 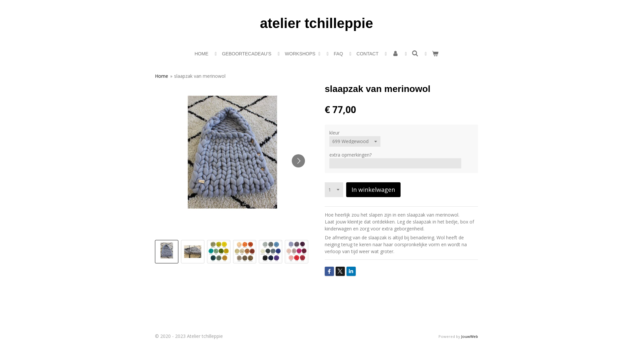 What do you see at coordinates (330, 53) in the screenshot?
I see `'FAQ'` at bounding box center [330, 53].